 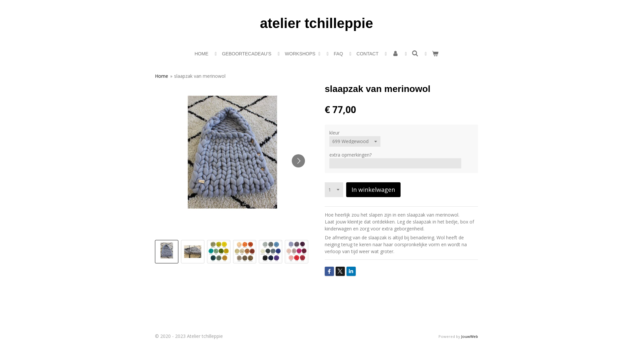 What do you see at coordinates (330, 53) in the screenshot?
I see `'FAQ'` at bounding box center [330, 53].